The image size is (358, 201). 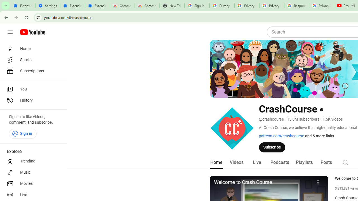 What do you see at coordinates (304, 162) in the screenshot?
I see `'Playlists'` at bounding box center [304, 162].